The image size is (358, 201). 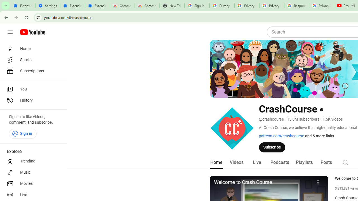 What do you see at coordinates (304, 162) in the screenshot?
I see `'Playlists'` at bounding box center [304, 162].